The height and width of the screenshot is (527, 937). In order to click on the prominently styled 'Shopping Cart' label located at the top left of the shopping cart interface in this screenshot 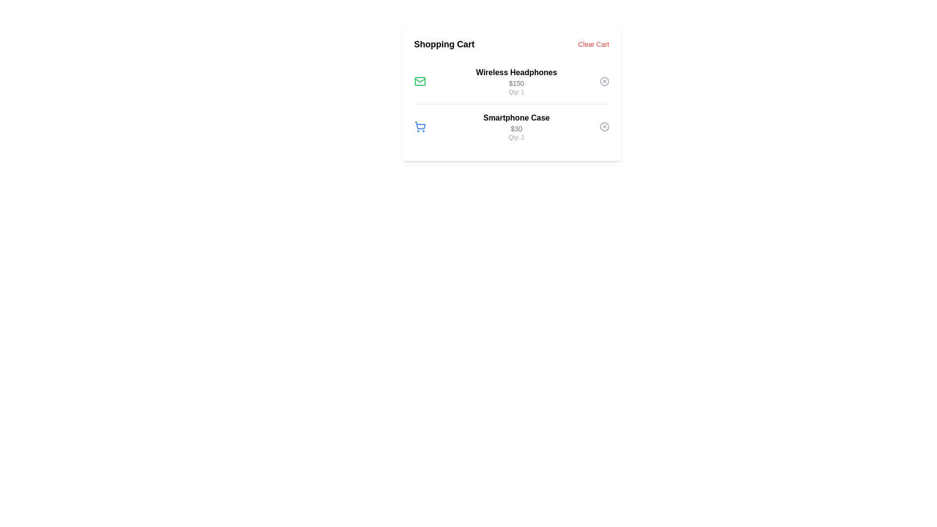, I will do `click(444, 44)`.